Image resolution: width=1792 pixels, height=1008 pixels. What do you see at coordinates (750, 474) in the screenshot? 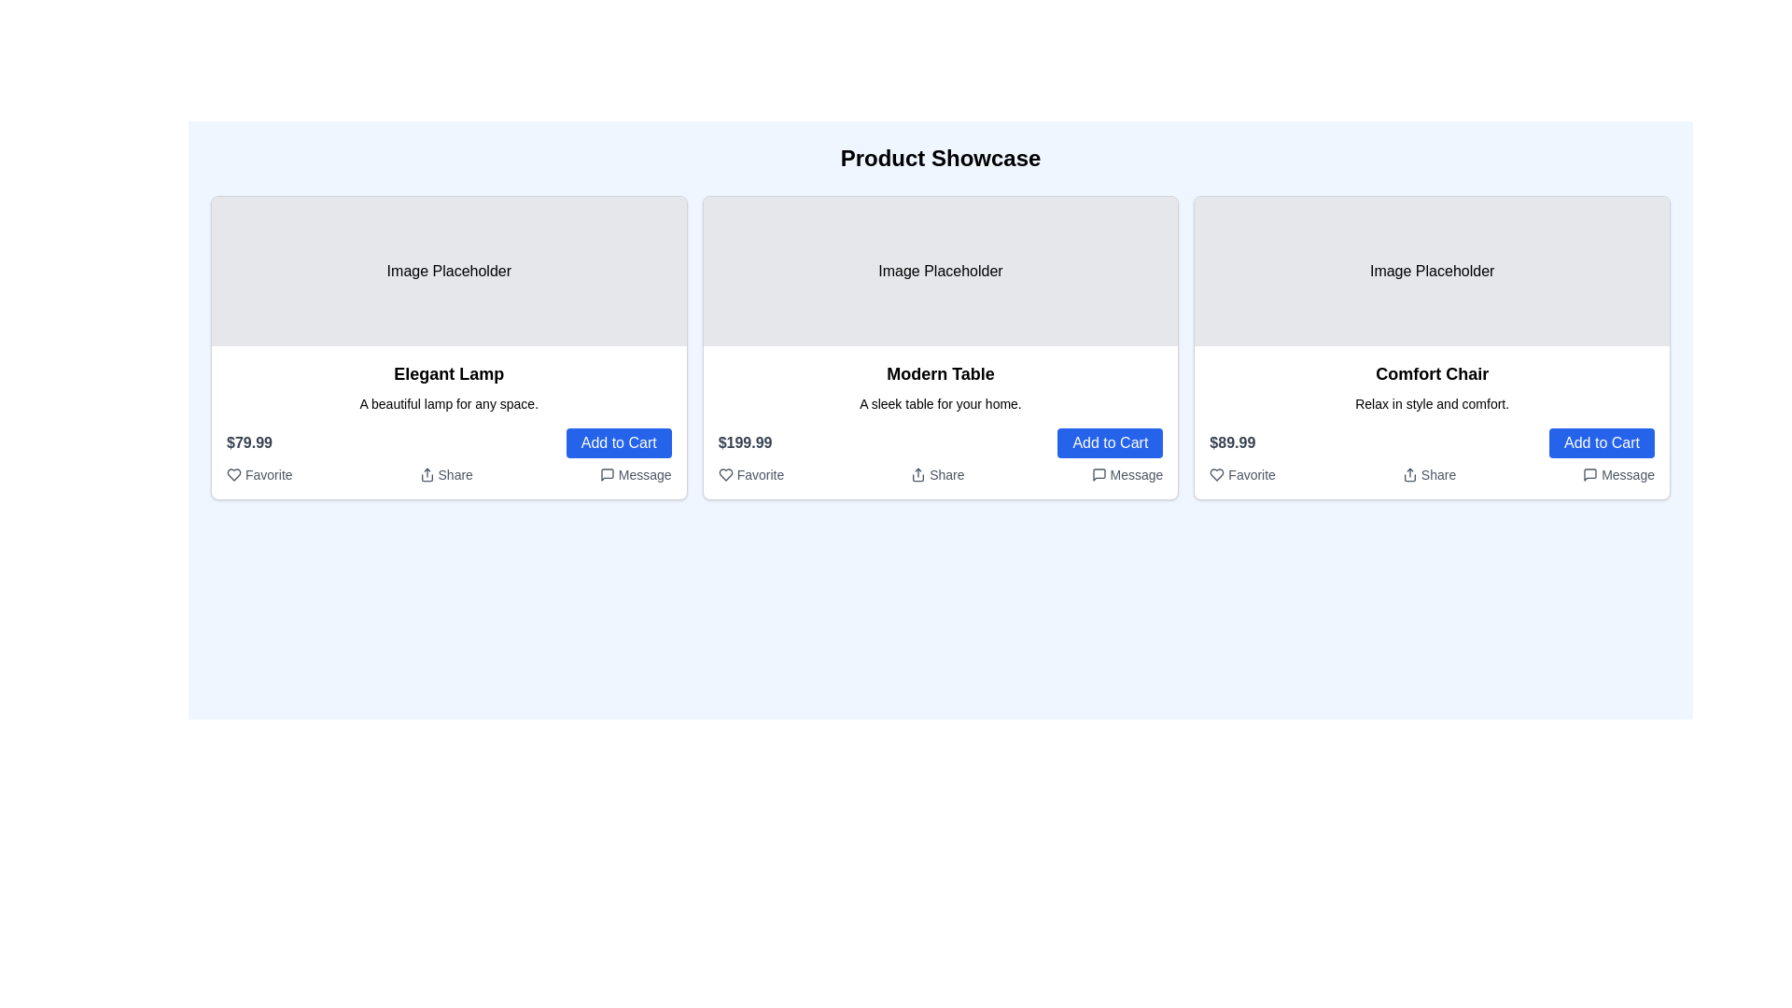
I see `the 'Favorite' button, which is a compact text button with a heart icon` at bounding box center [750, 474].